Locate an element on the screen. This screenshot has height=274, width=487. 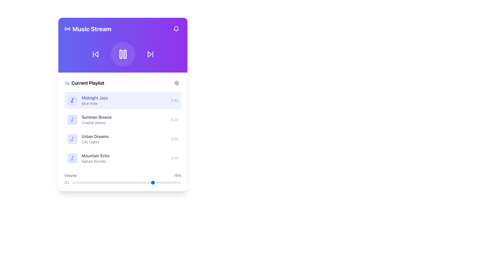
the forward navigation button, which is a play-like triangle icon followed by a vertical bar, located in the top-right area of the purple header section of the interface is located at coordinates (150, 54).